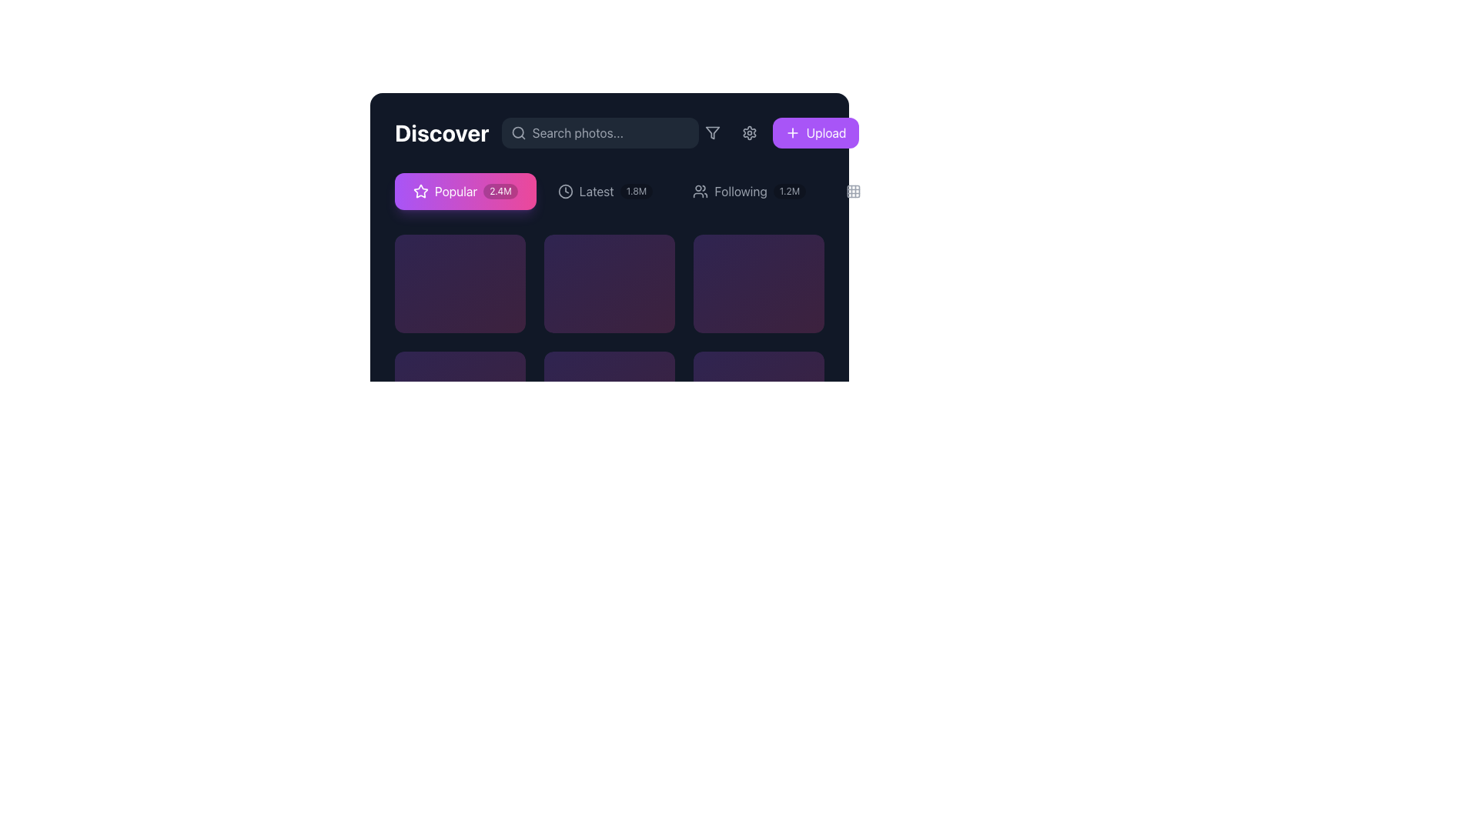 This screenshot has height=831, width=1478. What do you see at coordinates (711, 132) in the screenshot?
I see `the triangular filter icon located in the navigation bar, positioned to the right of the search bar and left of the settings gear icon` at bounding box center [711, 132].